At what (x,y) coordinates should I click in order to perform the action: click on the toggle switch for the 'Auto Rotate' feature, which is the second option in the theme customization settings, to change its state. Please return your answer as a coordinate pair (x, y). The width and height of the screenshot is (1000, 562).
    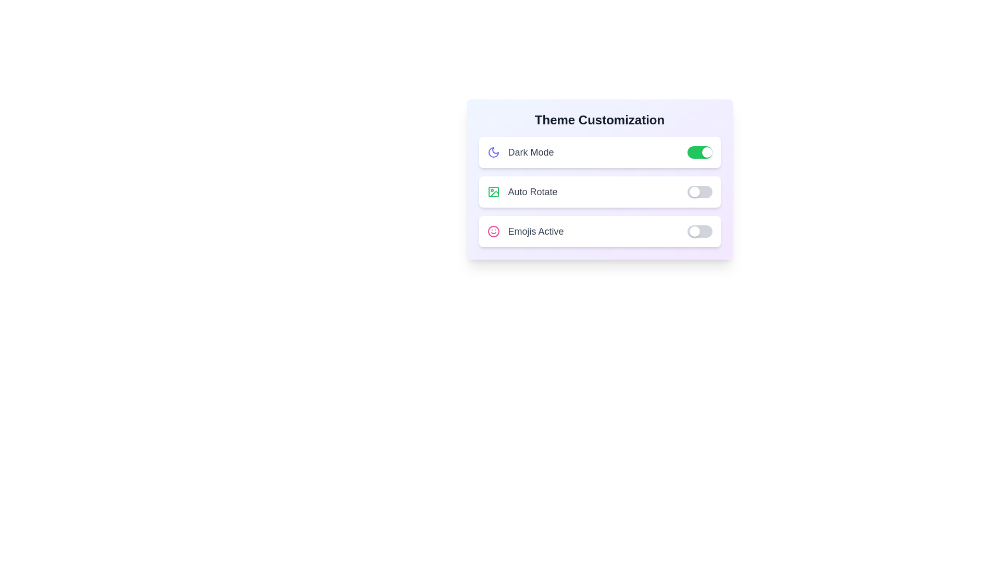
    Looking at the image, I should click on (599, 178).